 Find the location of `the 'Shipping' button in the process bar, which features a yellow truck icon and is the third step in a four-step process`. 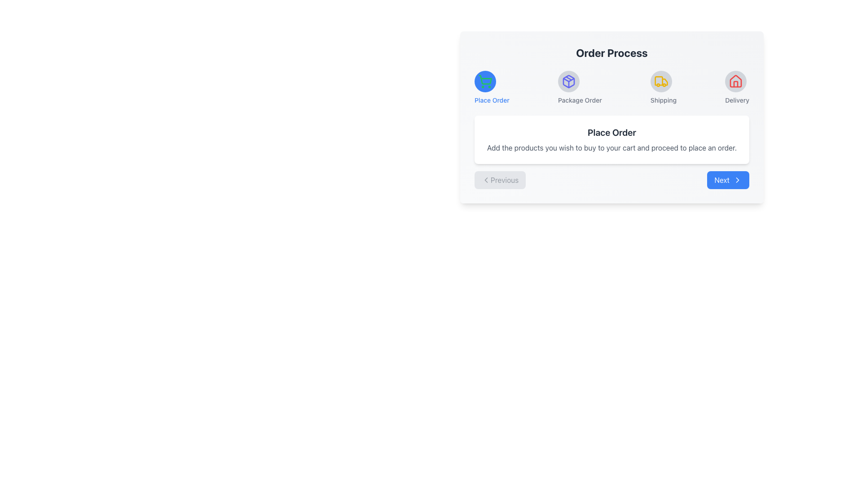

the 'Shipping' button in the process bar, which features a yellow truck icon and is the third step in a four-step process is located at coordinates (664, 88).